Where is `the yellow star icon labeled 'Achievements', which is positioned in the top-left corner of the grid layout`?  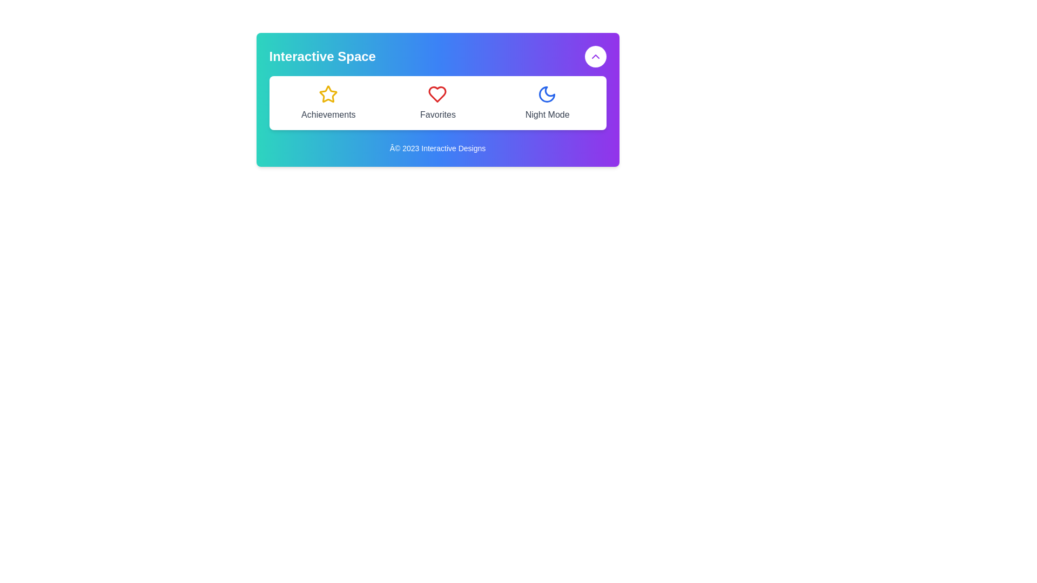
the yellow star icon labeled 'Achievements', which is positioned in the top-left corner of the grid layout is located at coordinates (327, 103).